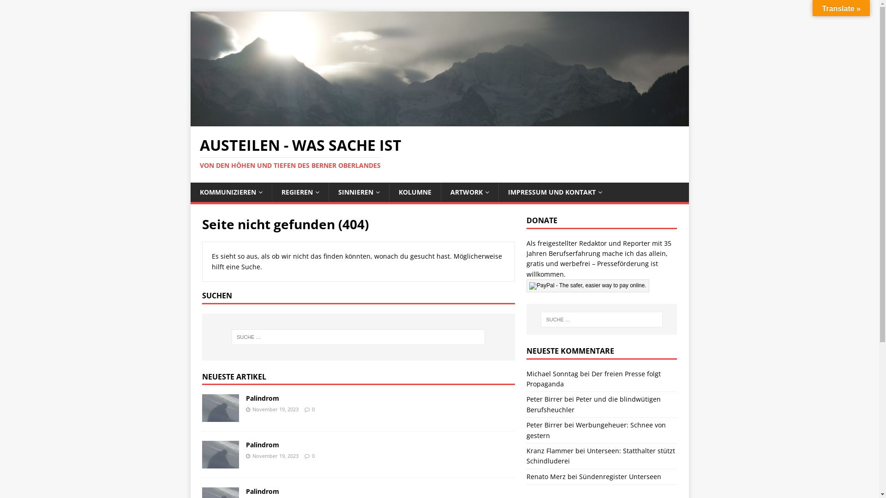 The image size is (886, 498). Describe the element at coordinates (312, 409) in the screenshot. I see `'0'` at that location.